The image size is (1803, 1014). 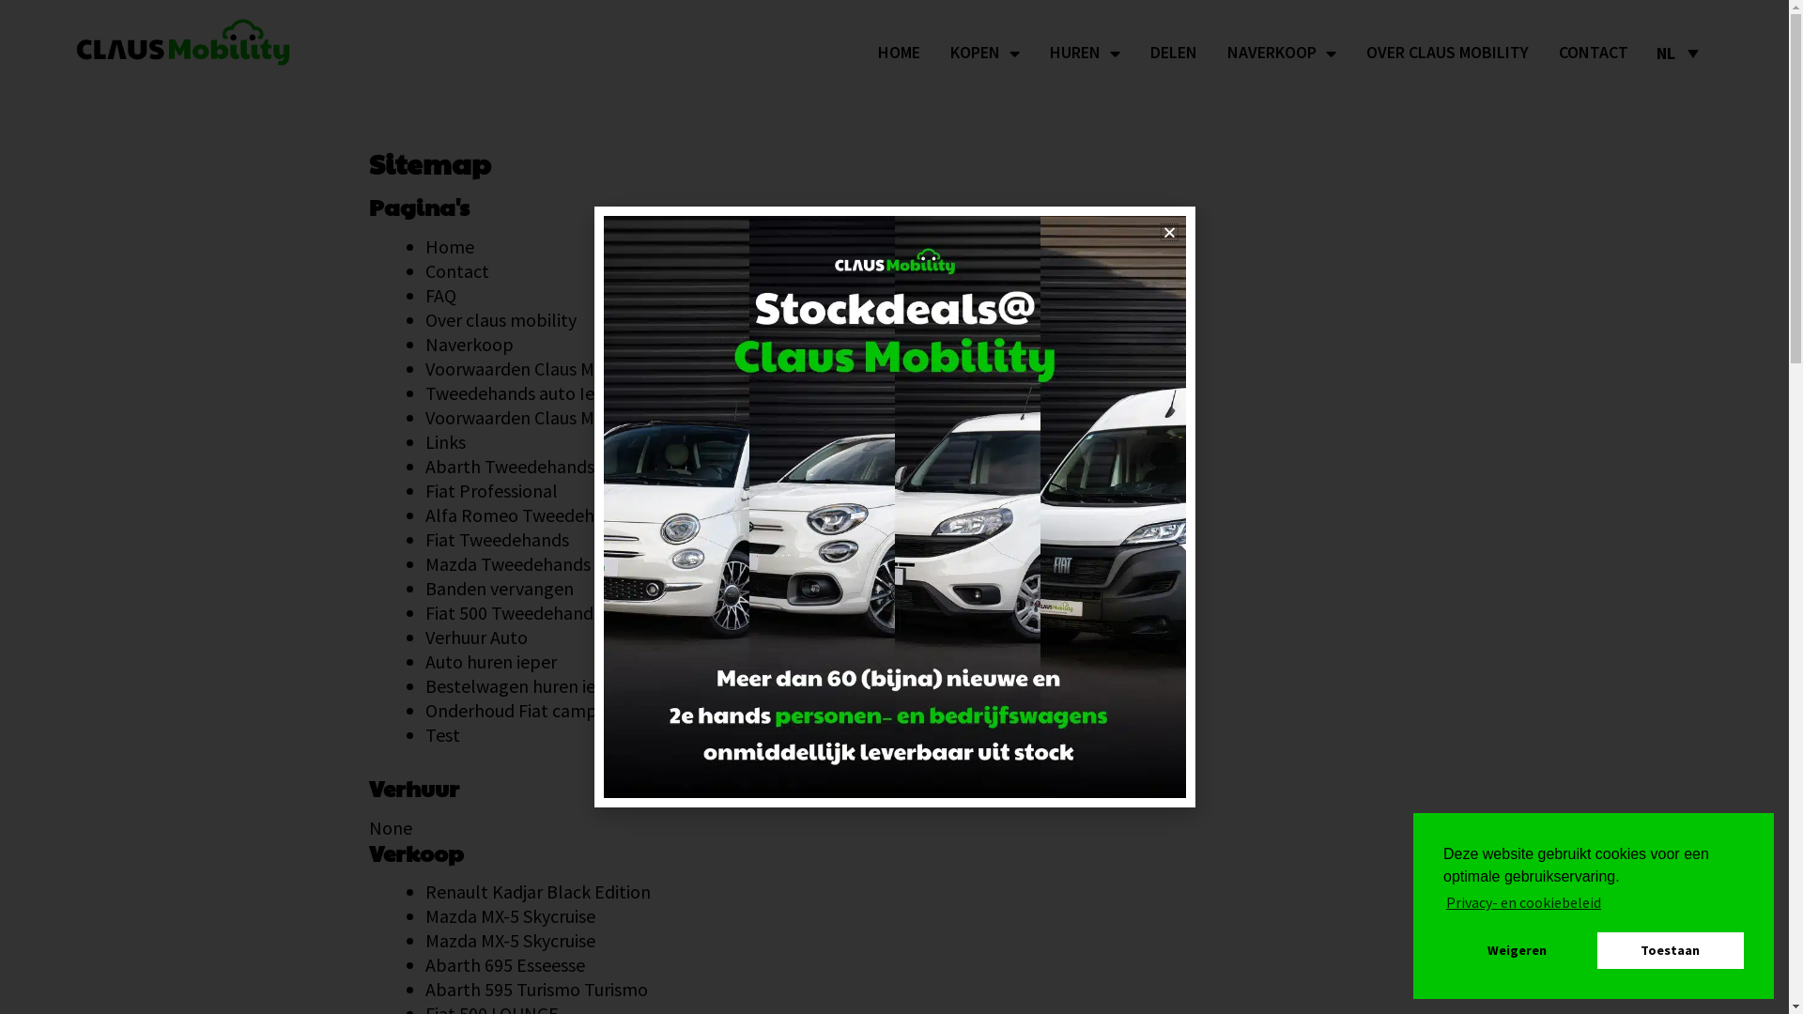 What do you see at coordinates (526, 515) in the screenshot?
I see `'Alfa Romeo Tweedehands'` at bounding box center [526, 515].